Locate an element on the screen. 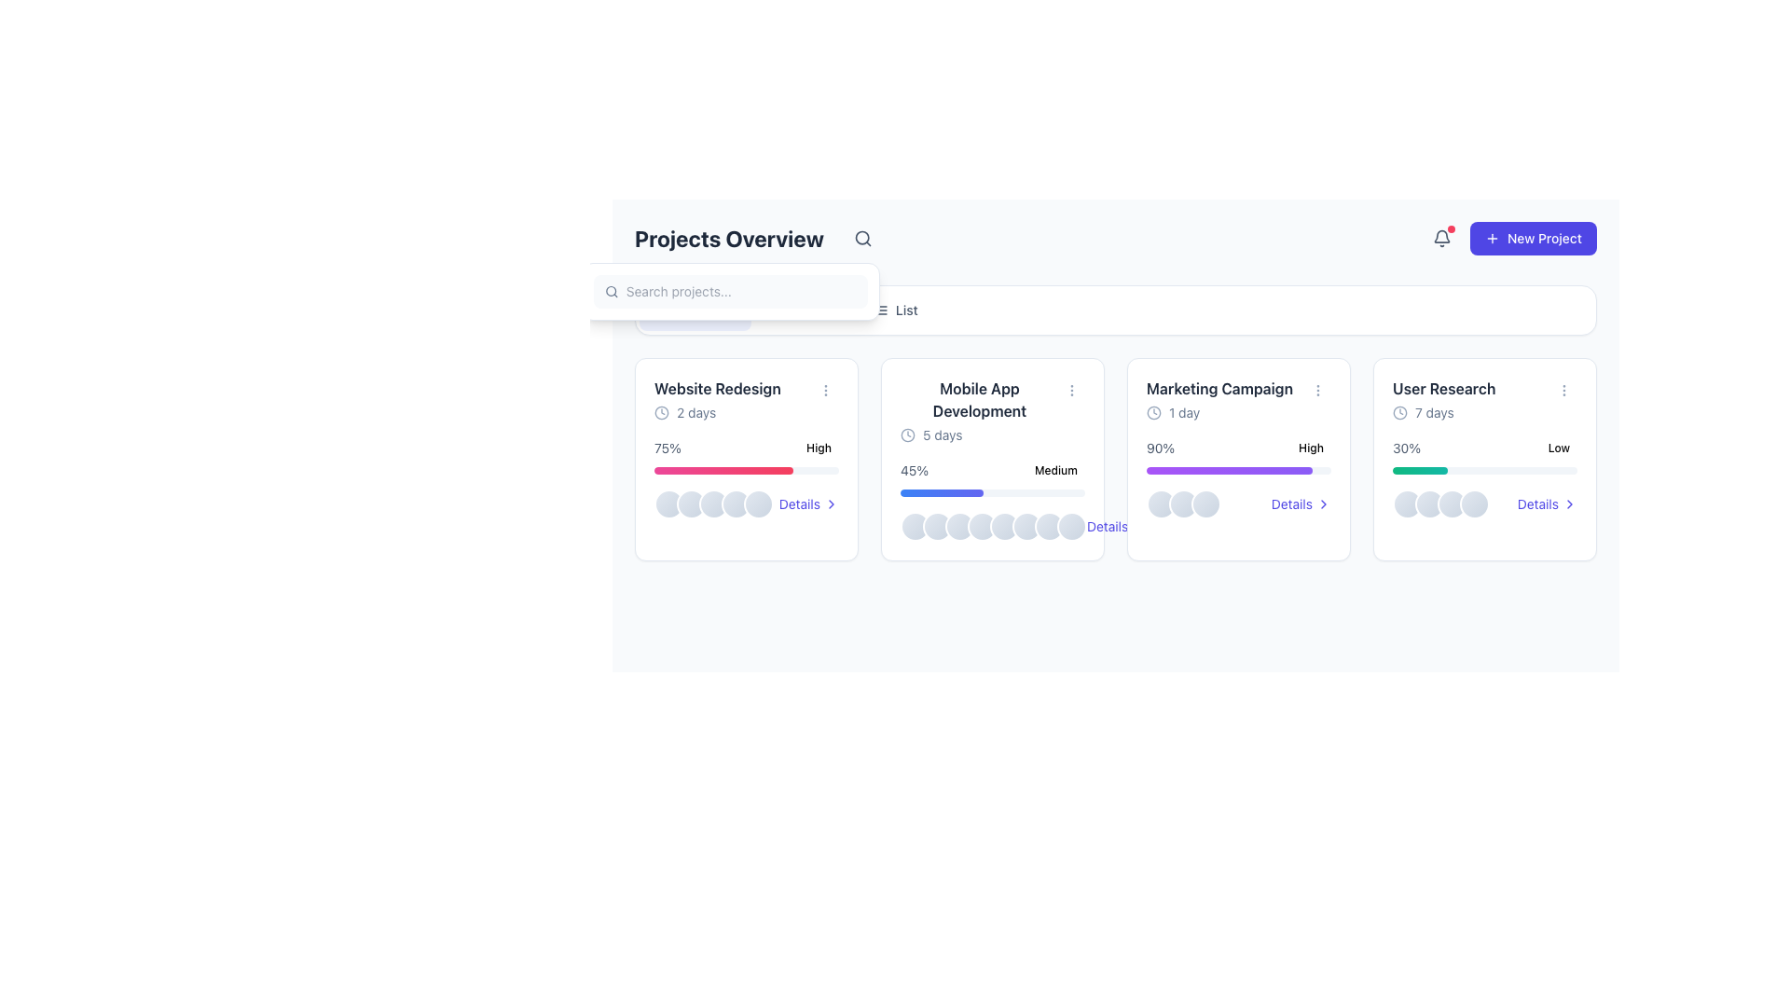  the 6th circular avatar indicator element that visually represents a user or entity is located at coordinates (1026, 526).